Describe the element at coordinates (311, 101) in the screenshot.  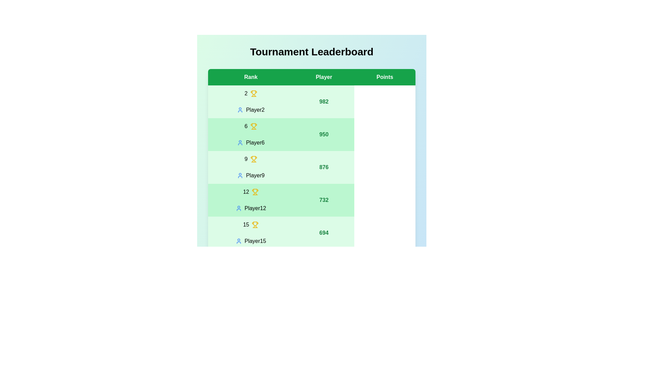
I see `the row corresponding to rank 2` at that location.